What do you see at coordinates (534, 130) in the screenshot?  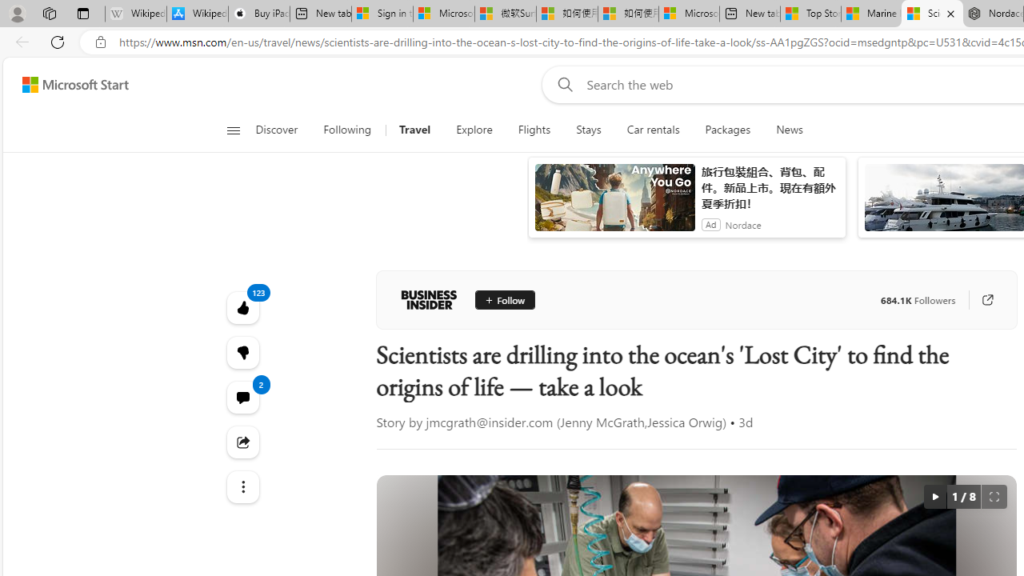 I see `'Flights'` at bounding box center [534, 130].